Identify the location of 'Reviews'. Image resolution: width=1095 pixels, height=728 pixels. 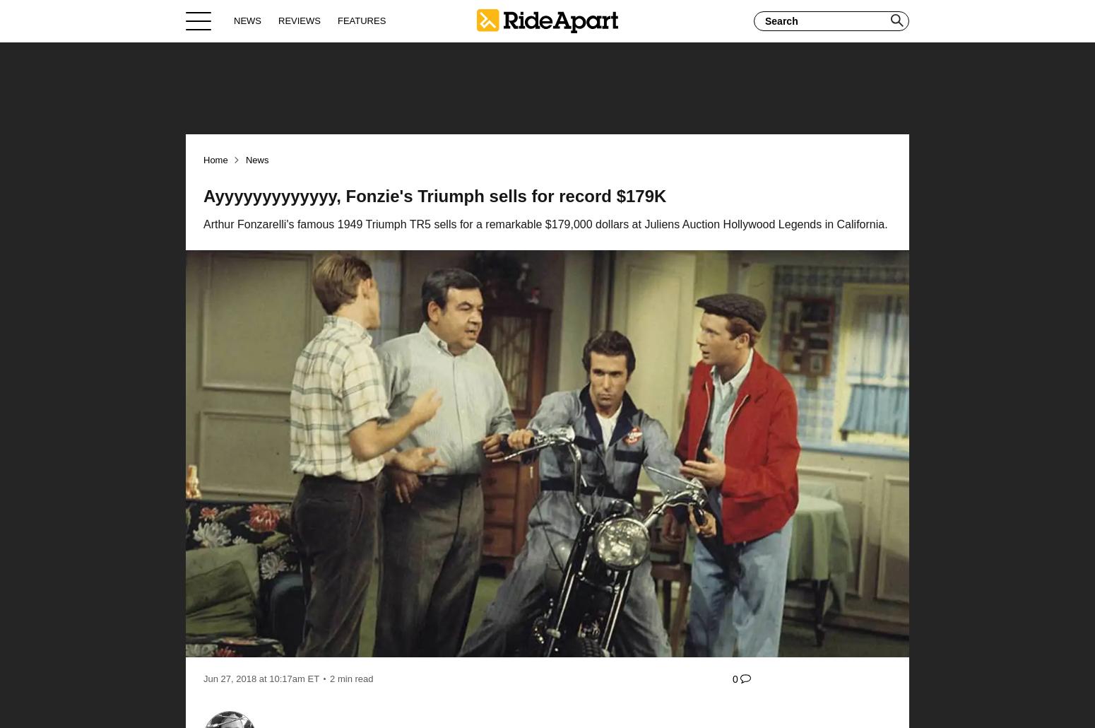
(278, 20).